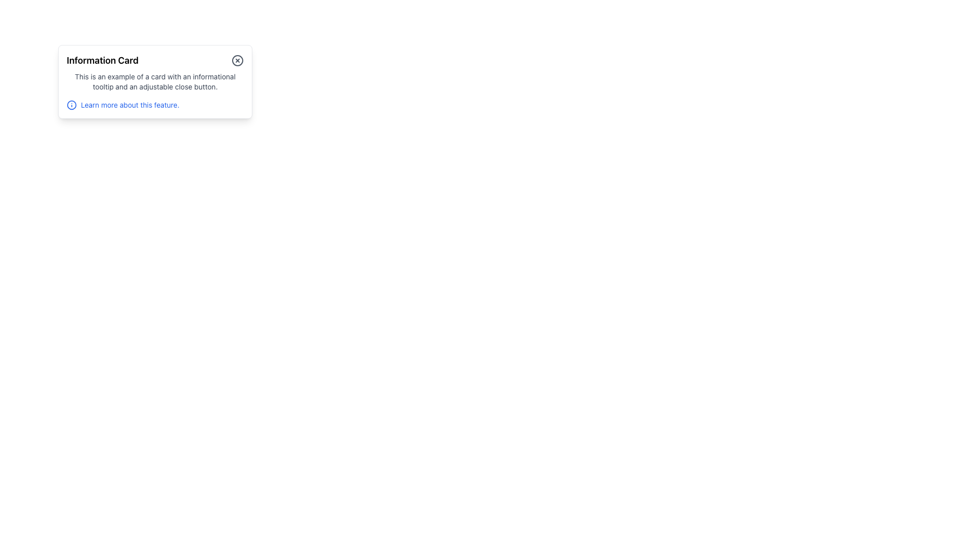 This screenshot has width=971, height=546. Describe the element at coordinates (155, 105) in the screenshot. I see `the informative link with the blue information icon and the text 'Learn more about this feature' at the bottom of the Information Card` at that location.